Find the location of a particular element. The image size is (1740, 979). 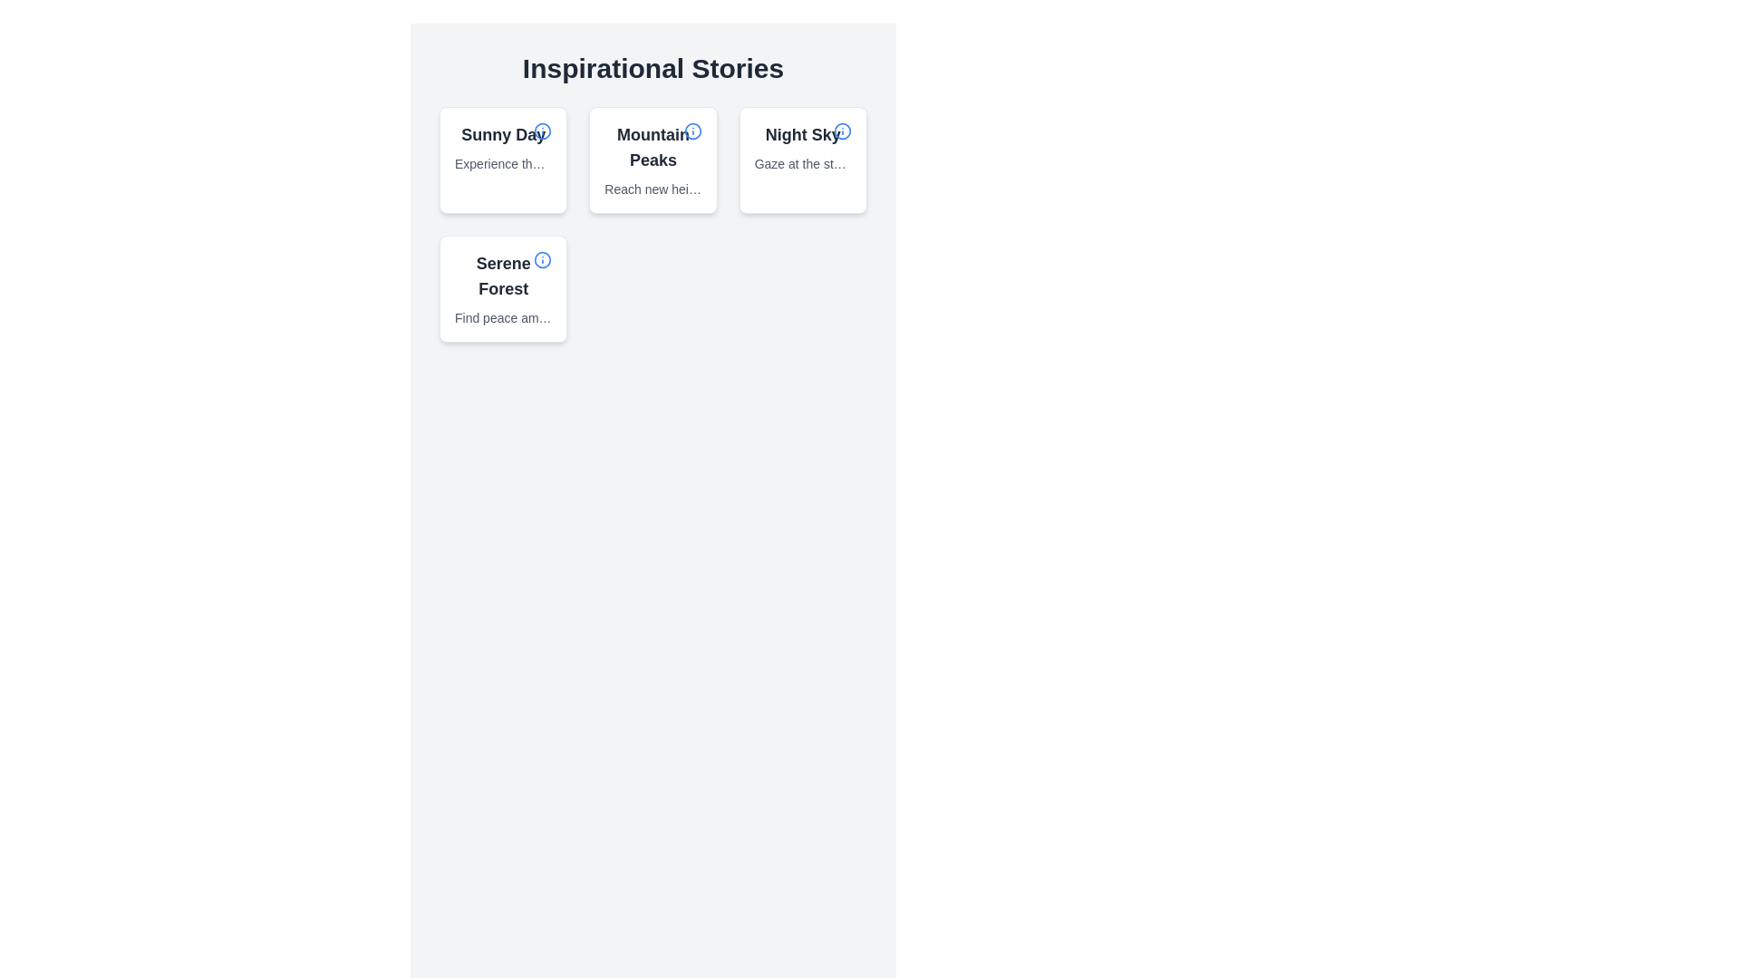

the small circular informational icon with a blue border located in the top-right corner of the 'Sunny Day' card is located at coordinates (542, 131).